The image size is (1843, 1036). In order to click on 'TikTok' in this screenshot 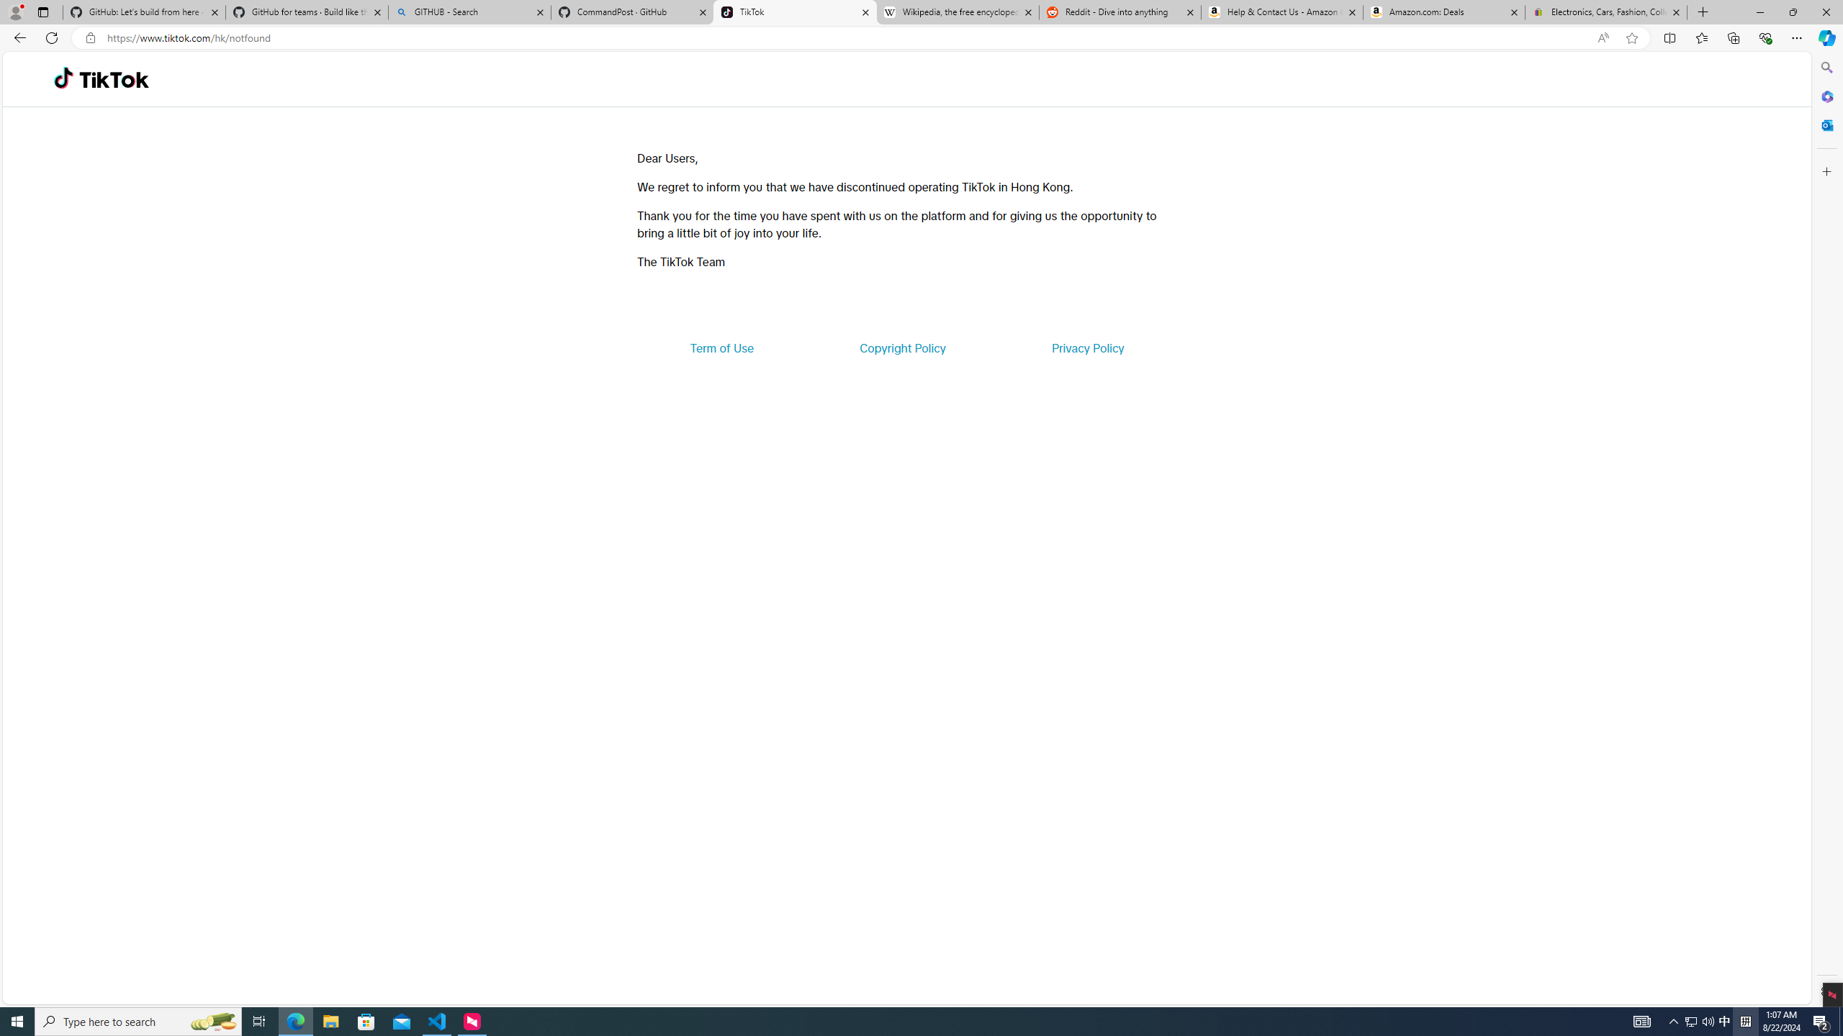, I will do `click(114, 79)`.